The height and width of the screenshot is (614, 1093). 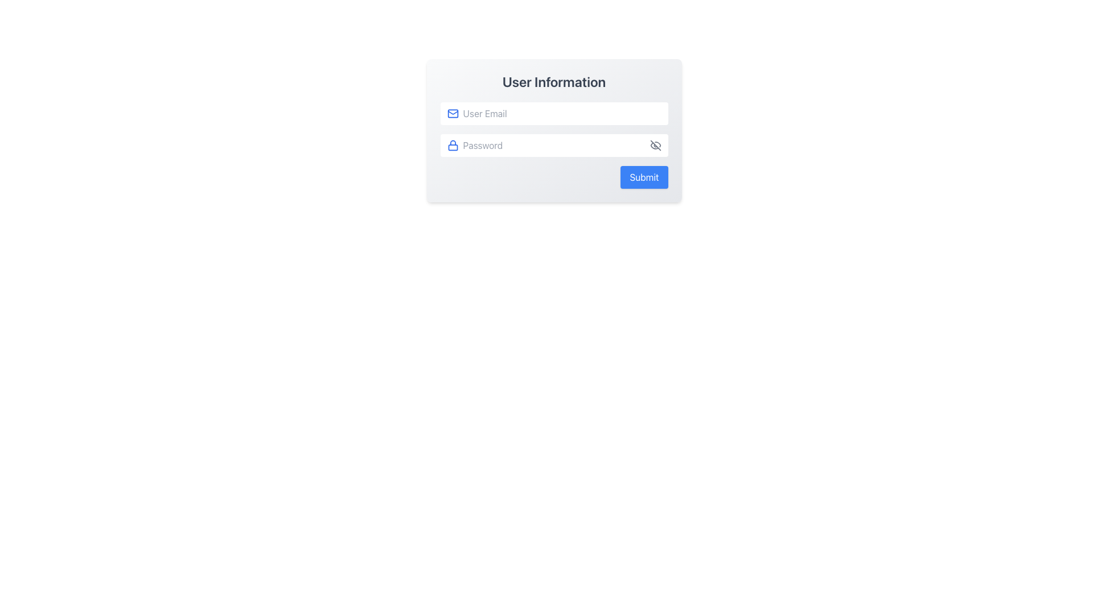 What do you see at coordinates (452, 147) in the screenshot?
I see `the base of the lock icon that indicates restricted access, located to the left of the 'Password' input field` at bounding box center [452, 147].